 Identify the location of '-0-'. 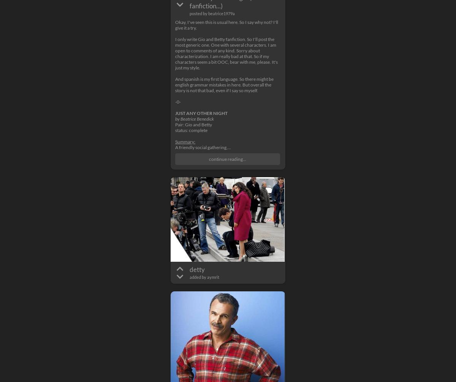
(177, 102).